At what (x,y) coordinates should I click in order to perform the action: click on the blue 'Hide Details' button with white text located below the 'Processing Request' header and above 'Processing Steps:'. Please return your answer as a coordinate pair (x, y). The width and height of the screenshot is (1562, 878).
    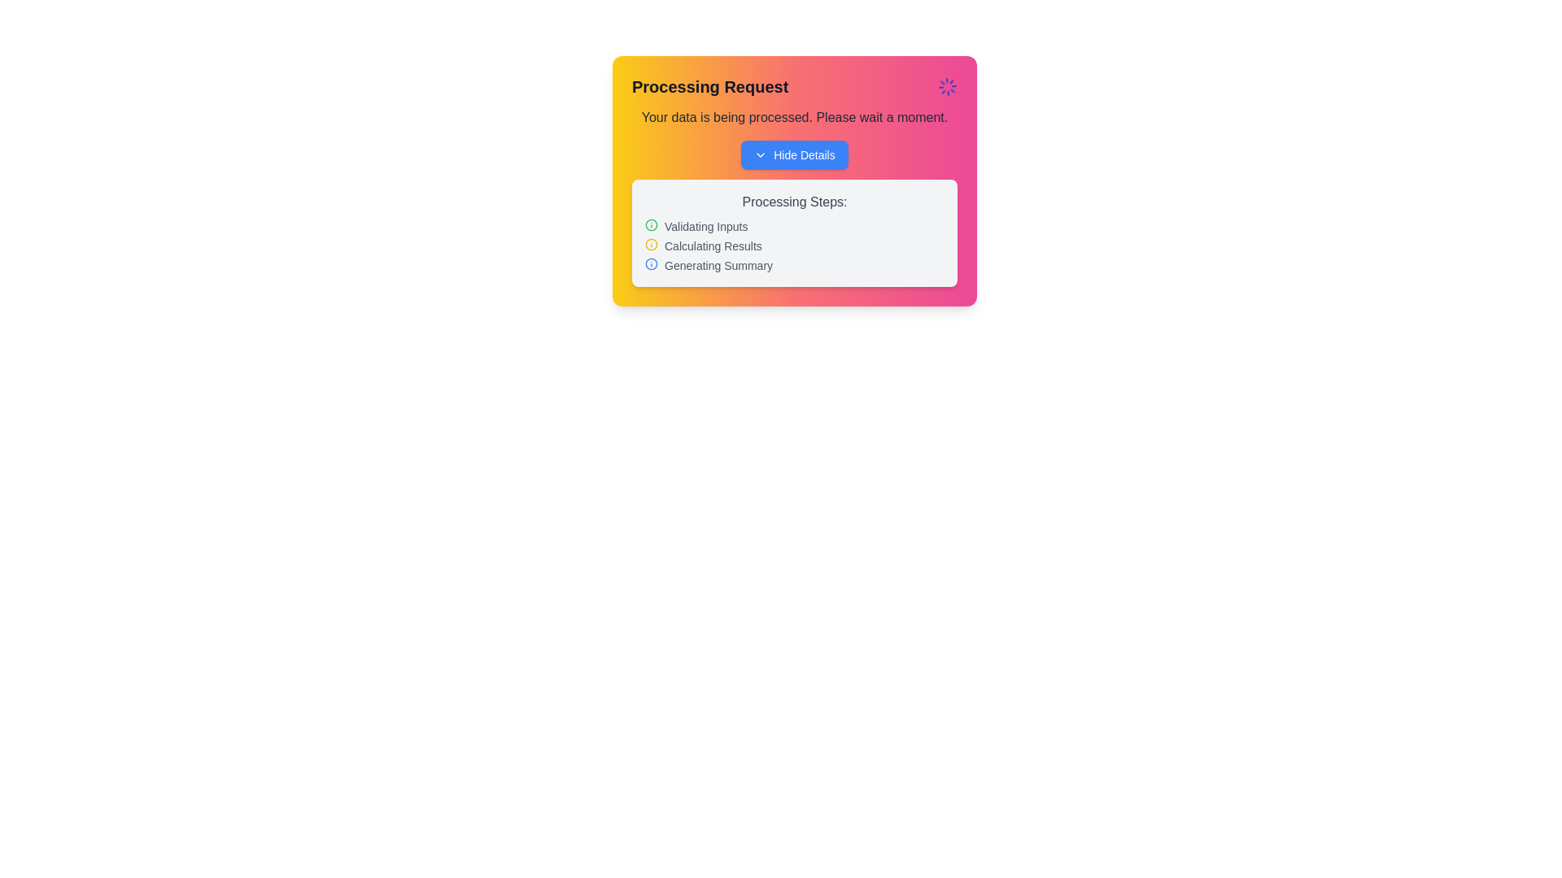
    Looking at the image, I should click on (794, 155).